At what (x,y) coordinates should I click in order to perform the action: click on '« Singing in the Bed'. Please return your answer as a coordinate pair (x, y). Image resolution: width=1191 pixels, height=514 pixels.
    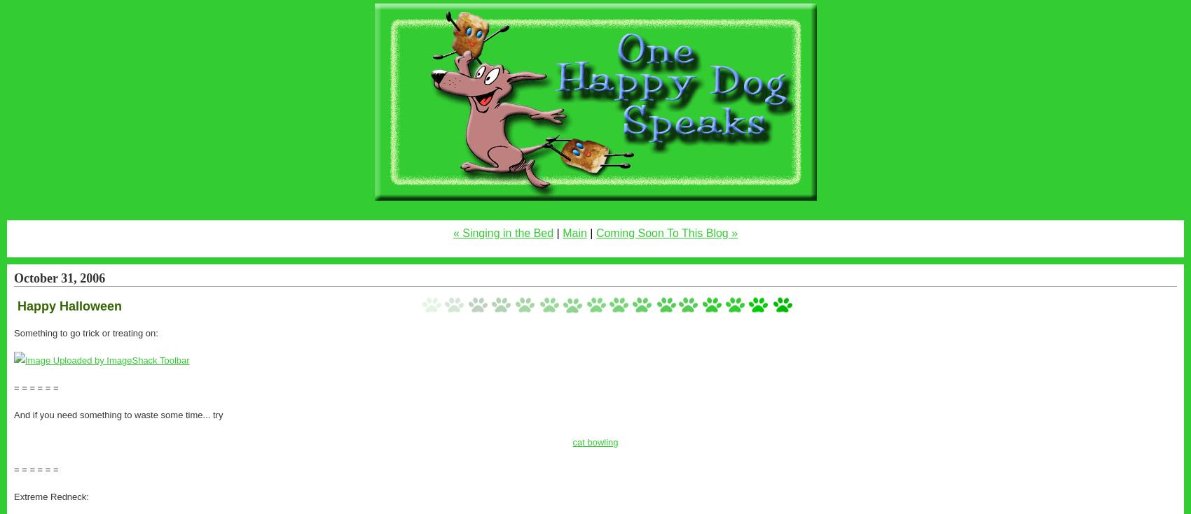
    Looking at the image, I should click on (453, 232).